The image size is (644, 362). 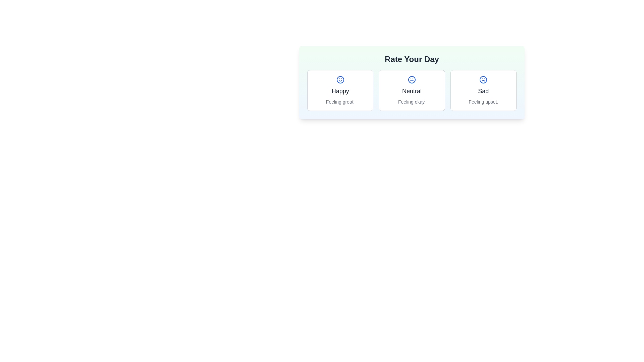 What do you see at coordinates (340, 79) in the screenshot?
I see `the outermost circular boundary of the 'Happy' icon, which is represented by a blue stroke SVG circle with a radius of 10 units` at bounding box center [340, 79].